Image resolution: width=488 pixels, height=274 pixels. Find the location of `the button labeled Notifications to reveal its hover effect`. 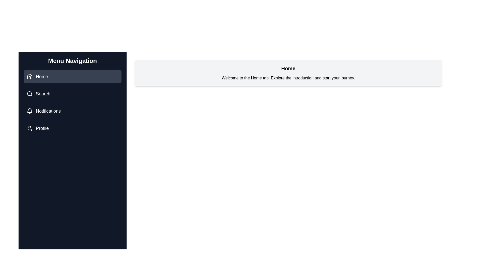

the button labeled Notifications to reveal its hover effect is located at coordinates (72, 111).